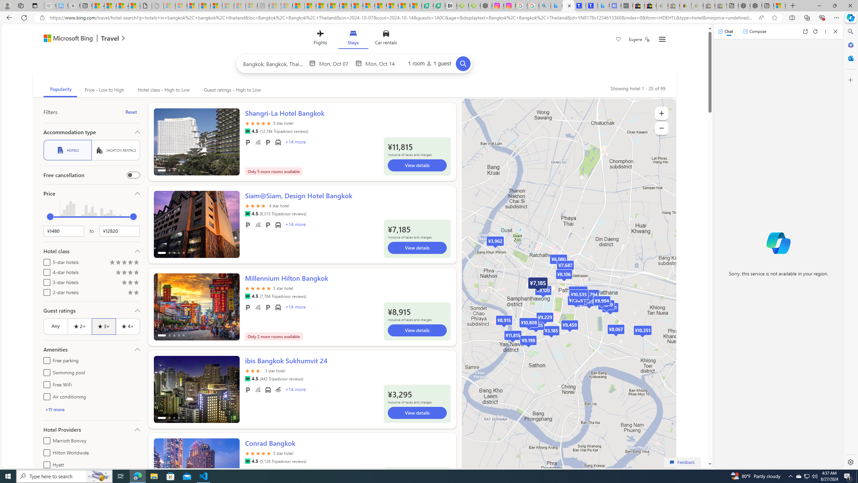 The image size is (858, 483). What do you see at coordinates (336, 63) in the screenshot?
I see `'Start Date'` at bounding box center [336, 63].